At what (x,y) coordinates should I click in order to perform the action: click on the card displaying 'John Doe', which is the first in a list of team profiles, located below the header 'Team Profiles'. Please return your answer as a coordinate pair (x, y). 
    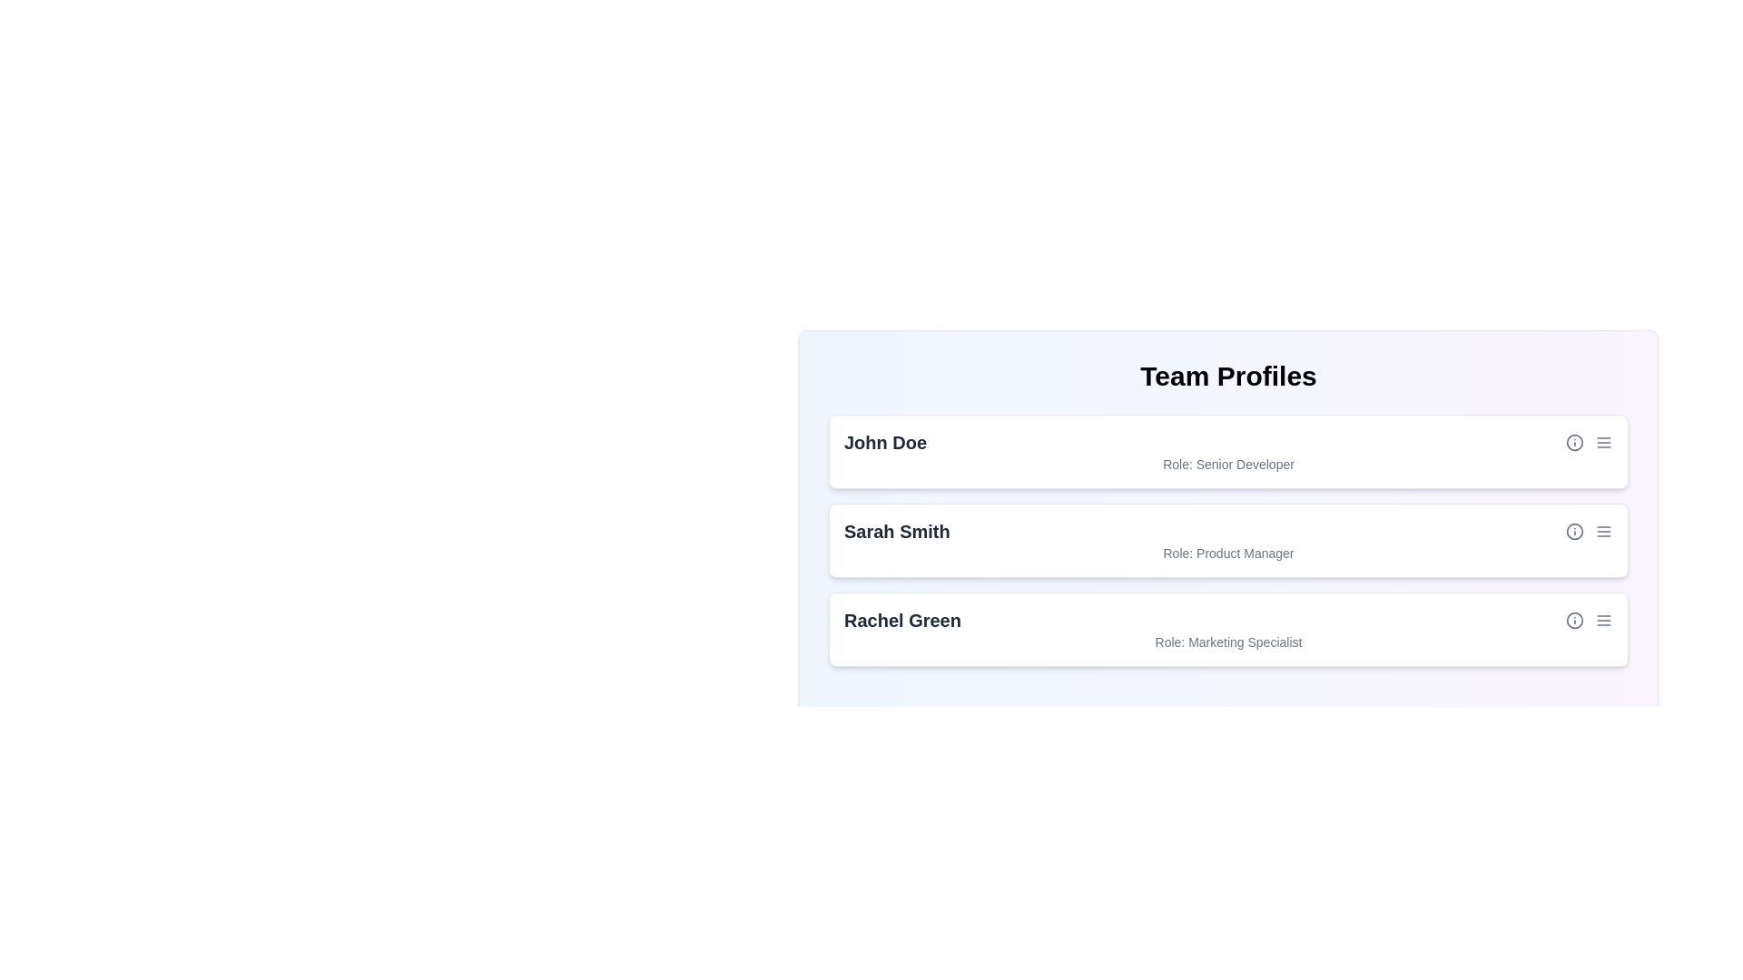
    Looking at the image, I should click on (1228, 450).